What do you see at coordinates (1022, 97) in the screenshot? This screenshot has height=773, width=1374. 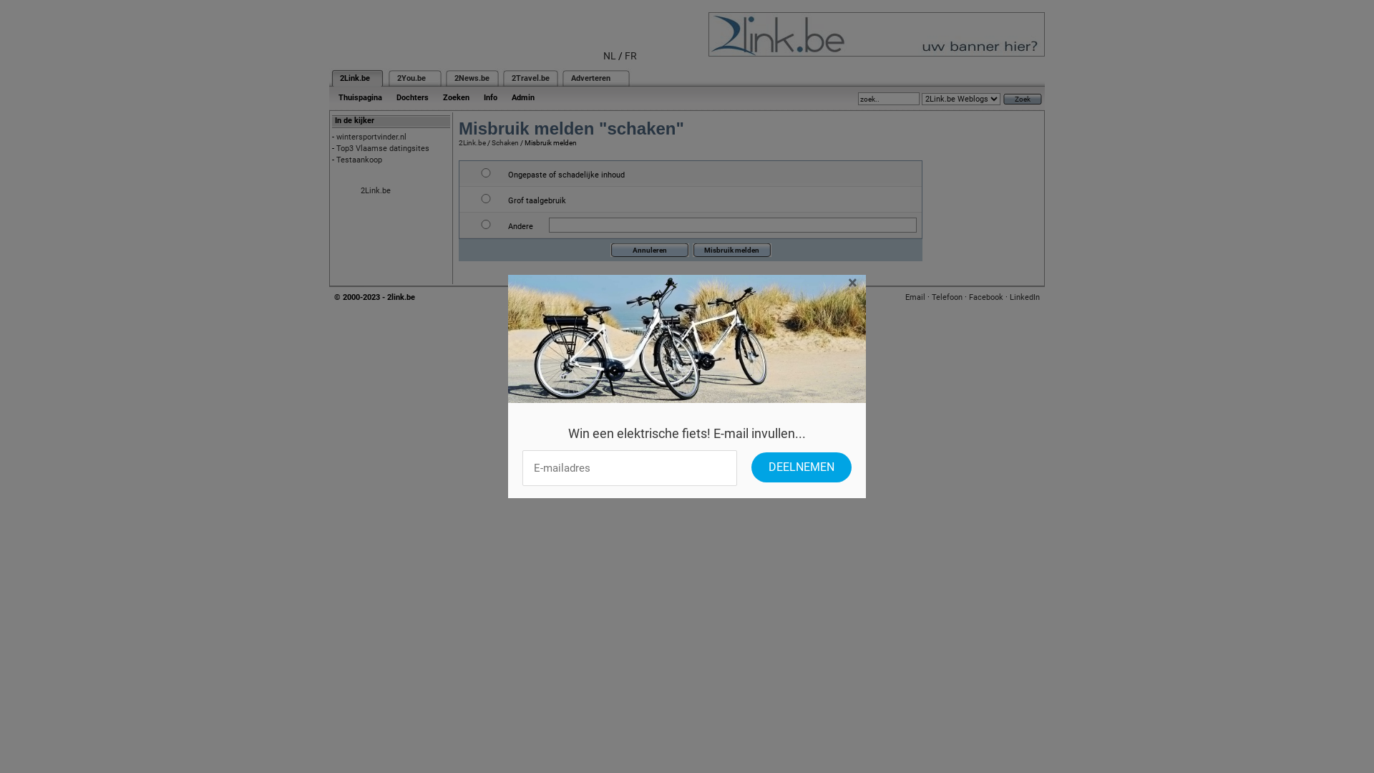 I see `'Zoek'` at bounding box center [1022, 97].